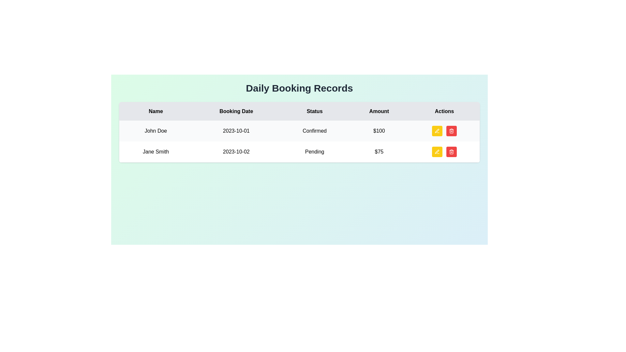 This screenshot has width=626, height=352. Describe the element at coordinates (444, 111) in the screenshot. I see `the header label for the 'Actions' column in the table, which is the last cell in the header row following 'Name', 'Booking Date', 'Status', and 'Amount'` at that location.